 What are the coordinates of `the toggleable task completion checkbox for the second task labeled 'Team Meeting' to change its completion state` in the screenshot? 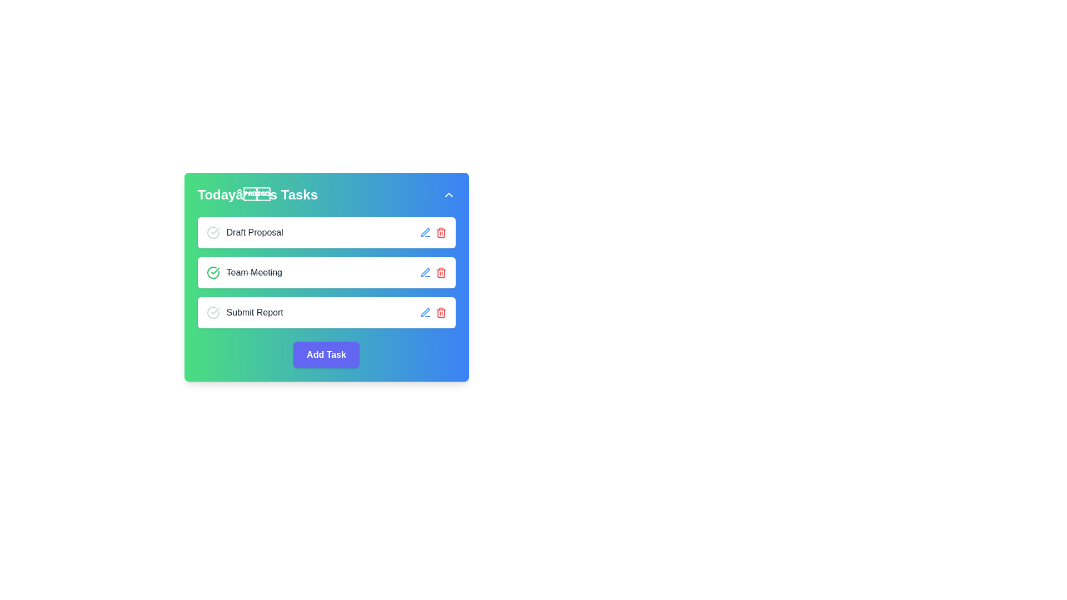 It's located at (213, 272).